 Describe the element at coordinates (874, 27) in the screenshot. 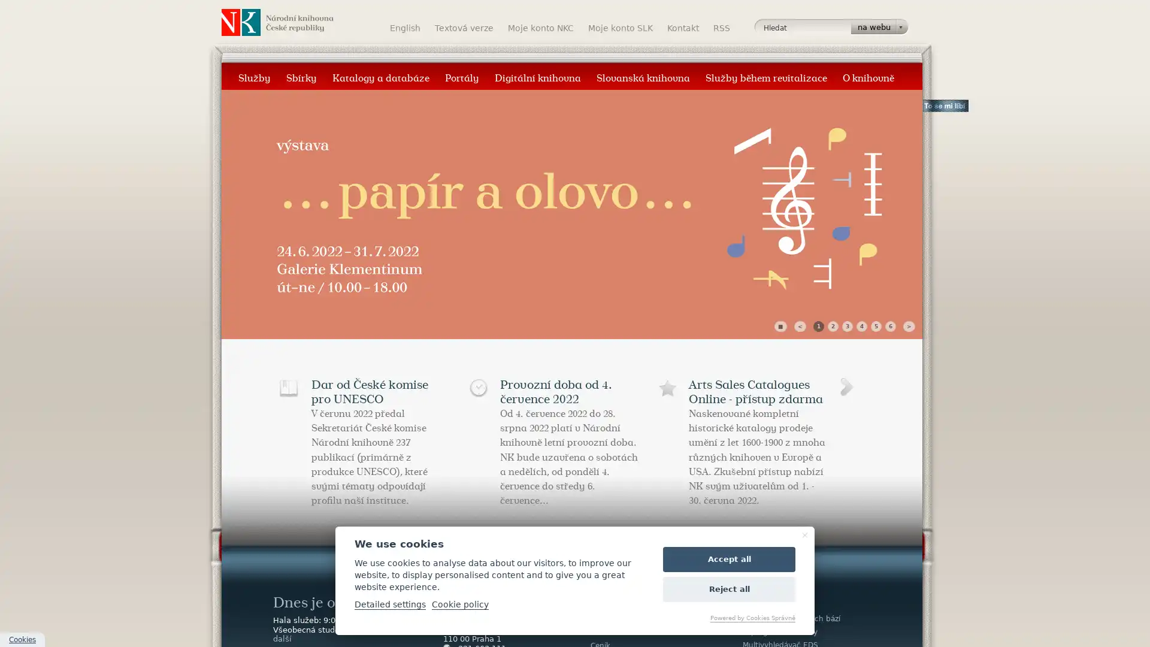

I see `na webu` at that location.